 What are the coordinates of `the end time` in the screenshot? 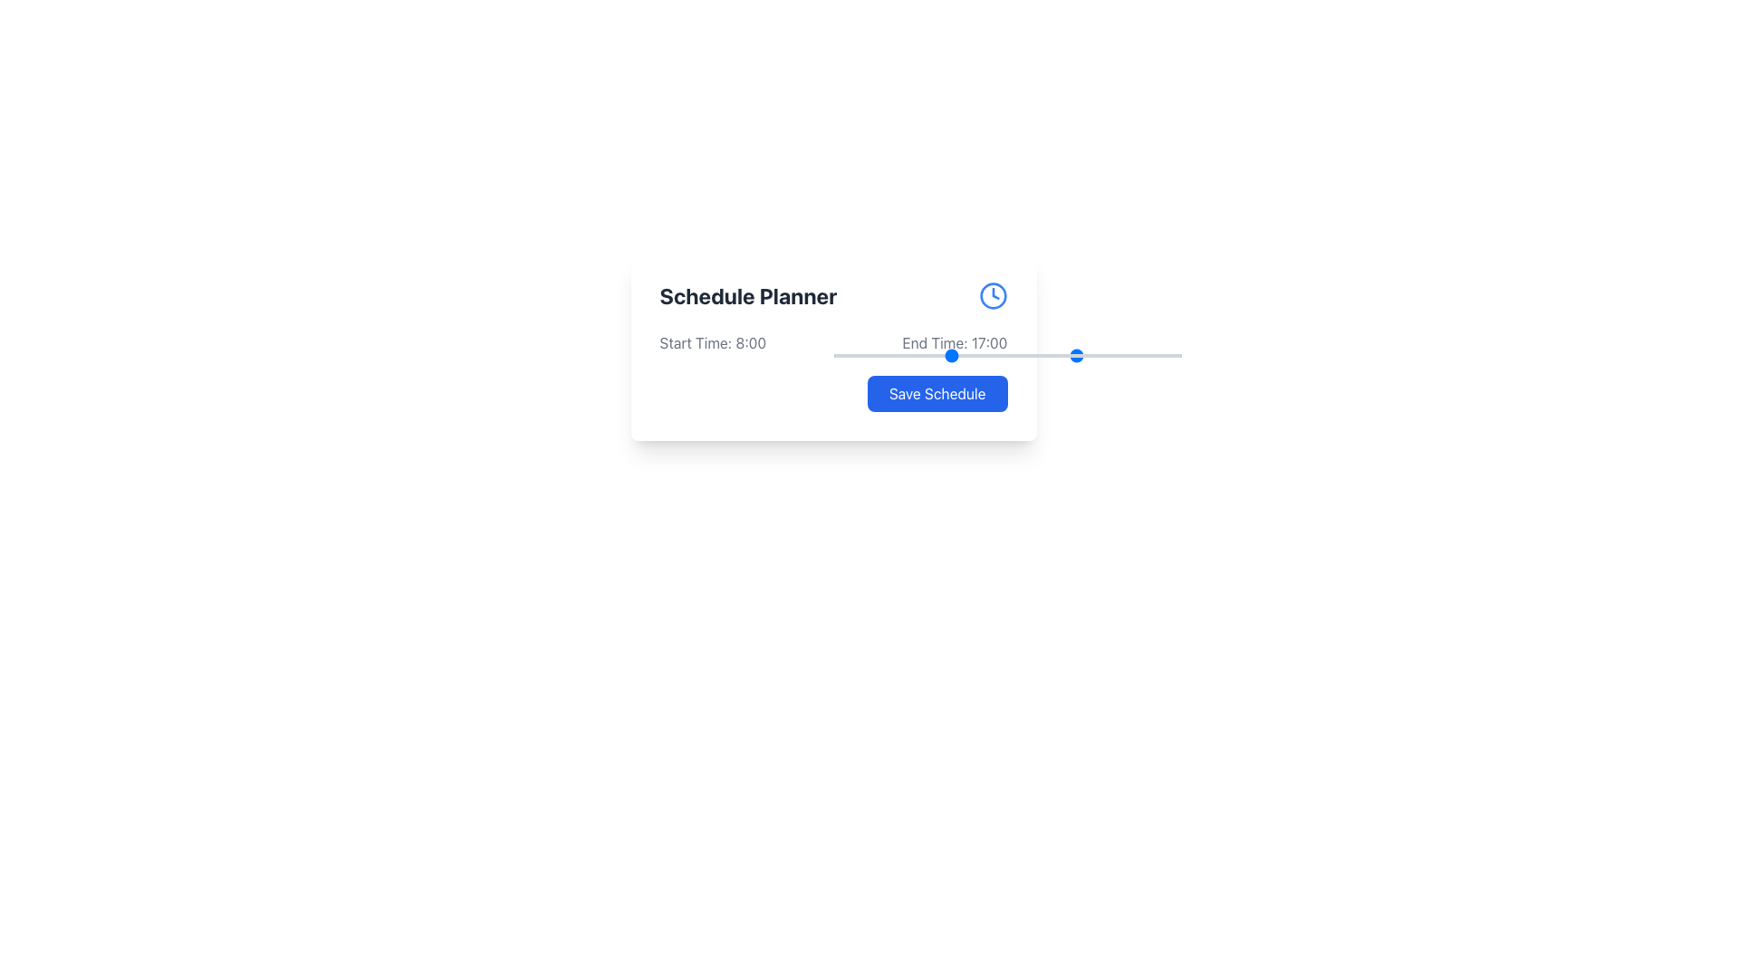 It's located at (1065, 356).